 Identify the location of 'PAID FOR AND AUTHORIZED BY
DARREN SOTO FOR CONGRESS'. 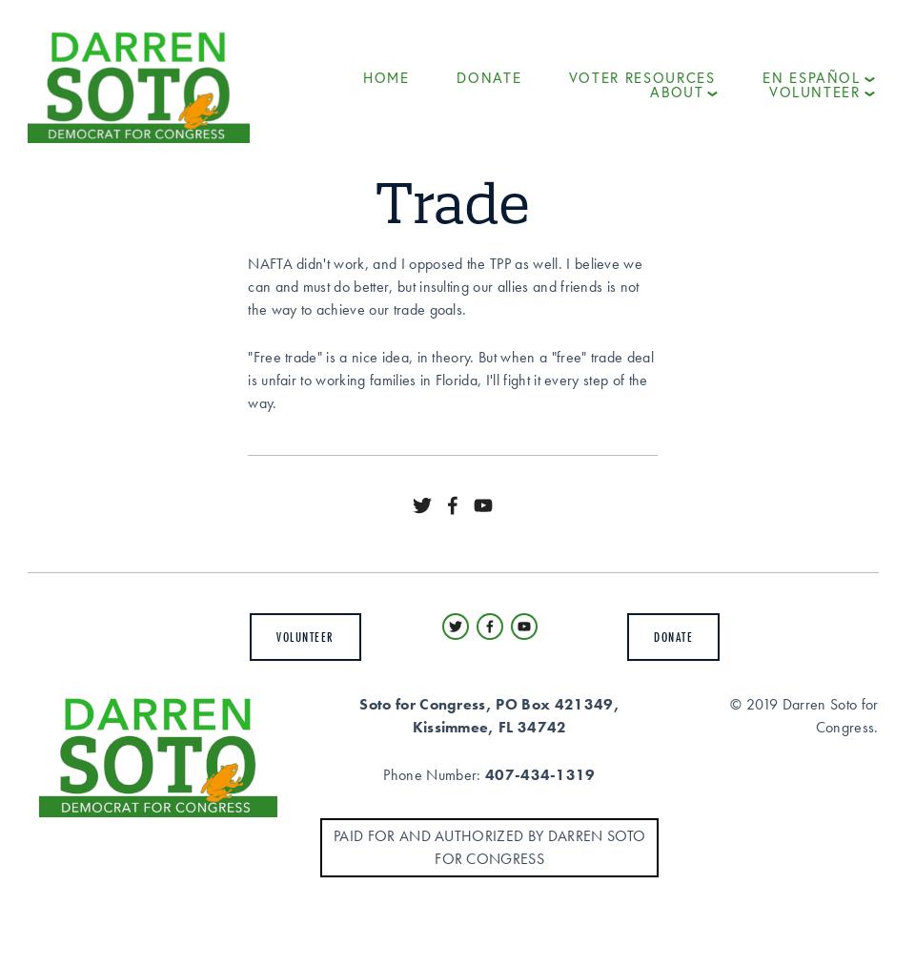
(488, 845).